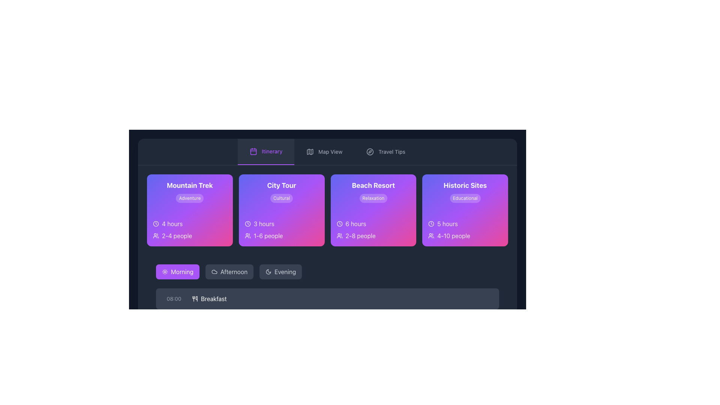  Describe the element at coordinates (190, 191) in the screenshot. I see `the 'Adventure' tag located underneath the title 'Mountain Trek' in the first card of the horizontal list` at that location.